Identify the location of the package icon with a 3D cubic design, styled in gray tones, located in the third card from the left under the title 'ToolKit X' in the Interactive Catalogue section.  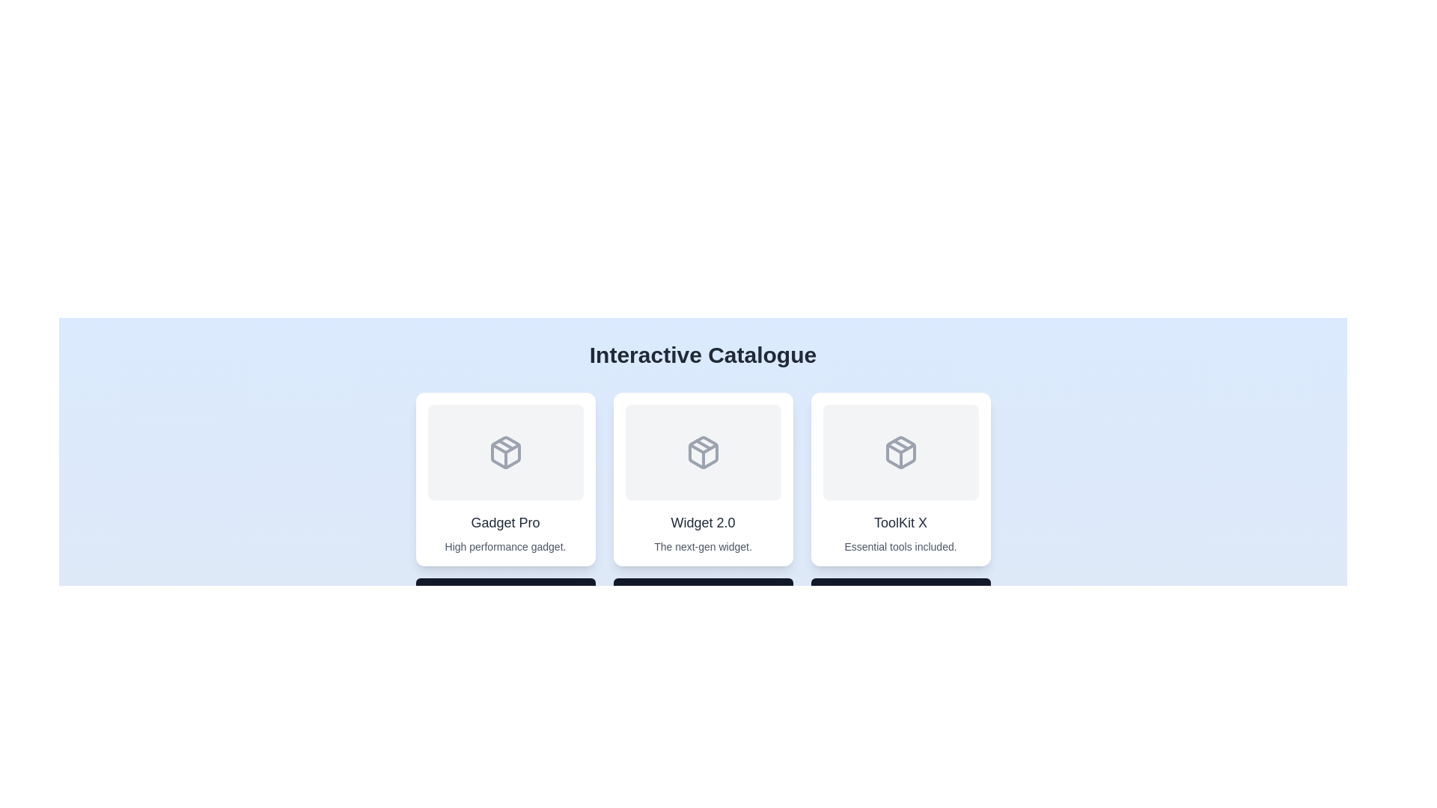
(900, 452).